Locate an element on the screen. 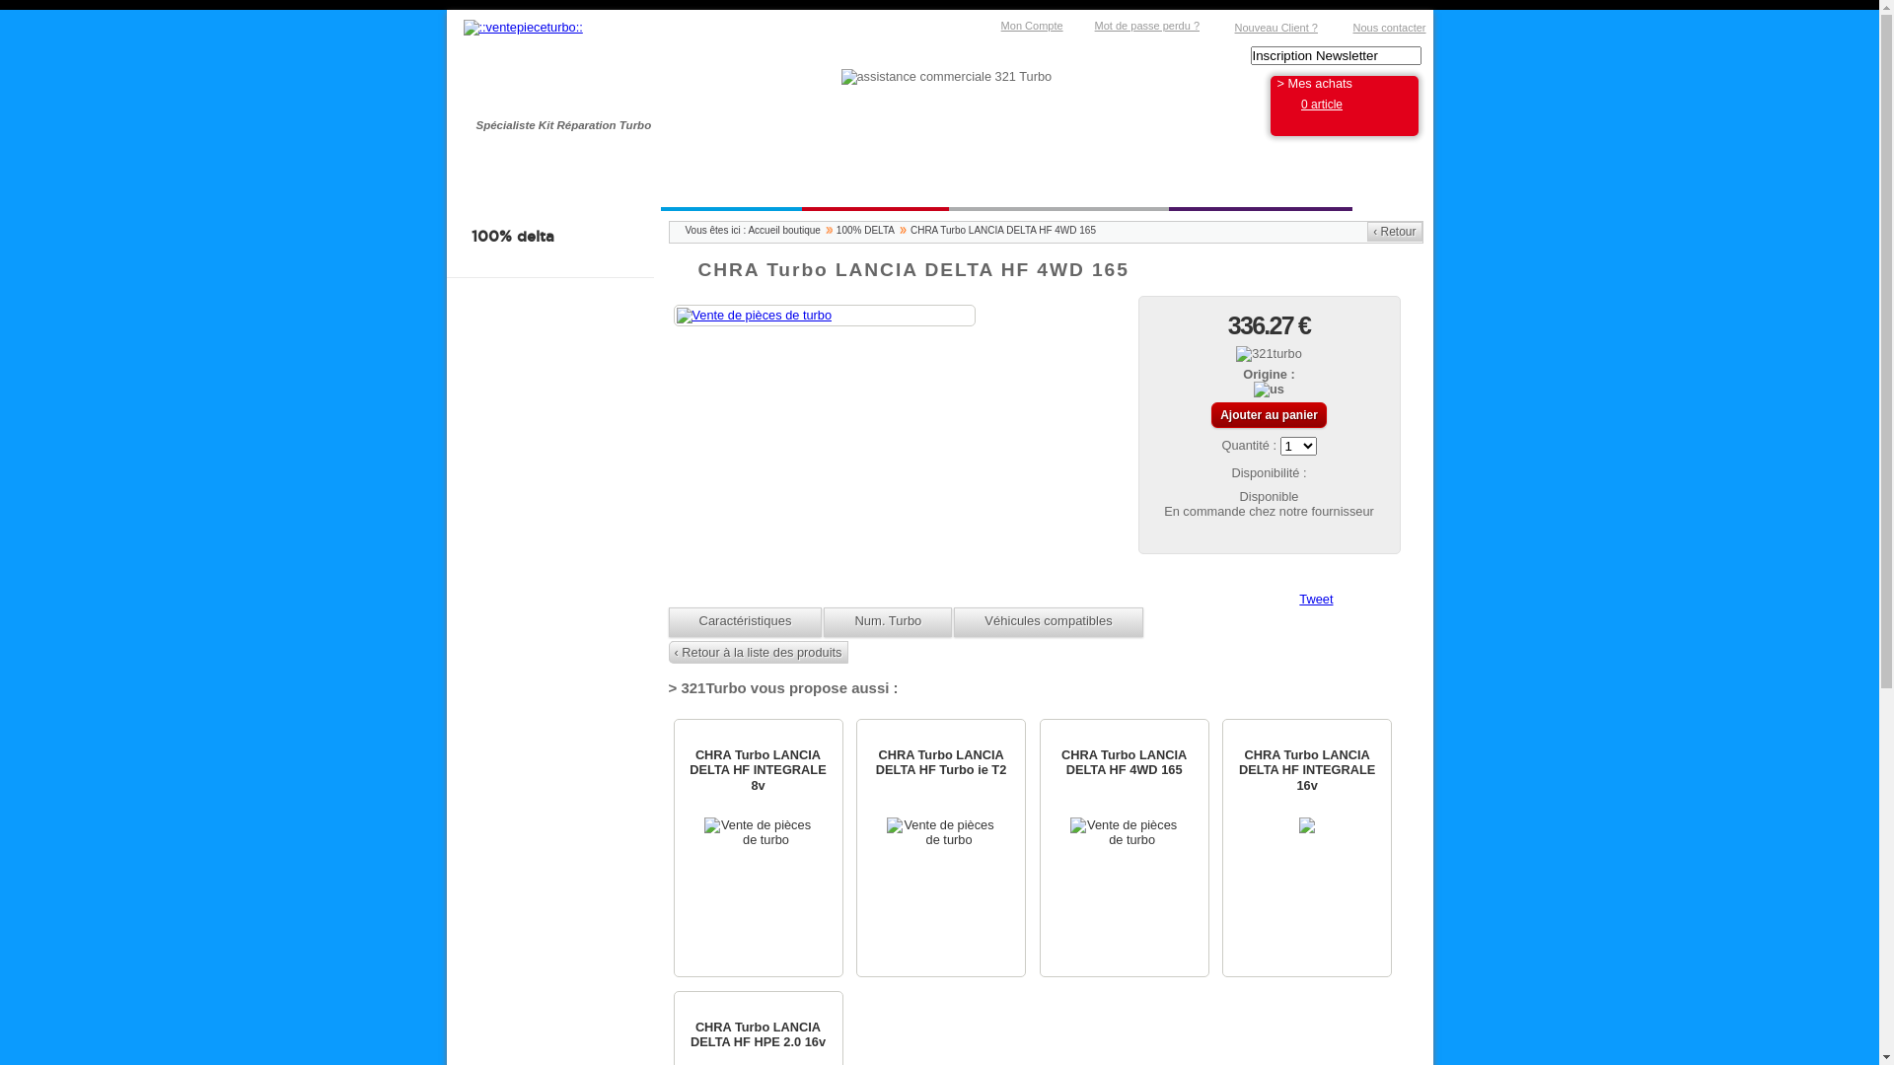  'us' is located at coordinates (1253, 389).